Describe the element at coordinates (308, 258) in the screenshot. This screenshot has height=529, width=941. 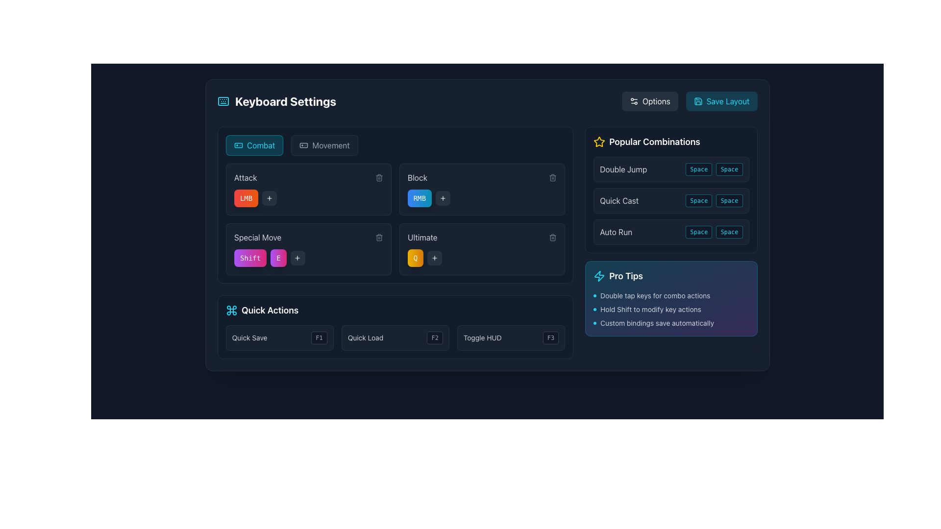
I see `the grouped keyboard shortcut components labeled 'Shift', 'E', and '+' located under the 'Special Move' in the 'Keyboard Settings' section` at that location.